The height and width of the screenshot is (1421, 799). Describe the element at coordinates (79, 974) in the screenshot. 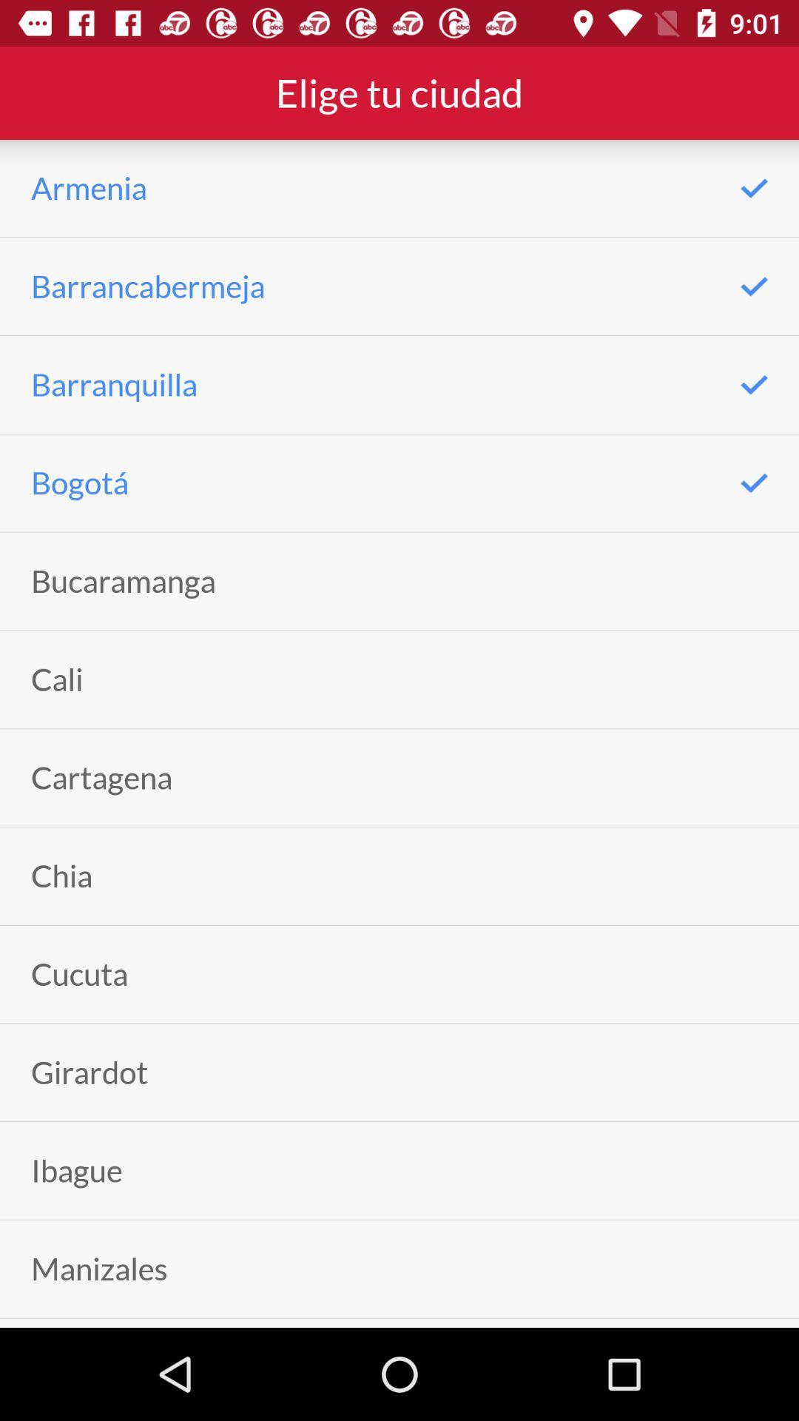

I see `cucuta icon` at that location.